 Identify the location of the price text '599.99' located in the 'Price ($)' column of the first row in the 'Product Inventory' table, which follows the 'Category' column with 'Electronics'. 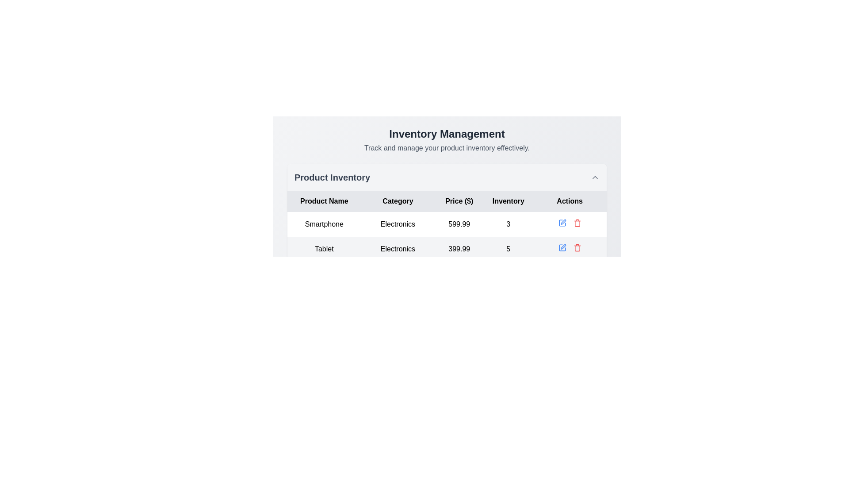
(459, 224).